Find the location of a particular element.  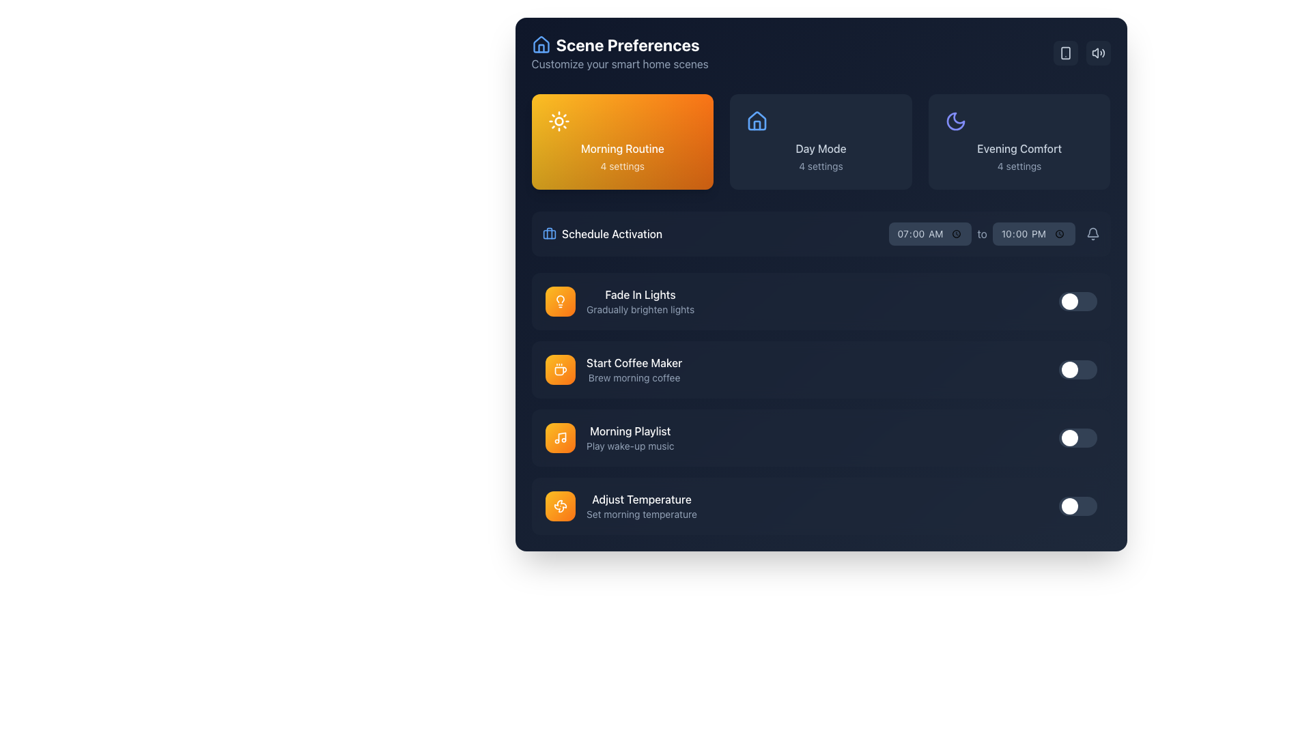

the 'Morning Routine' icon located at the leftmost of the top row within the 'Scene Preferences' section is located at coordinates (559, 120).